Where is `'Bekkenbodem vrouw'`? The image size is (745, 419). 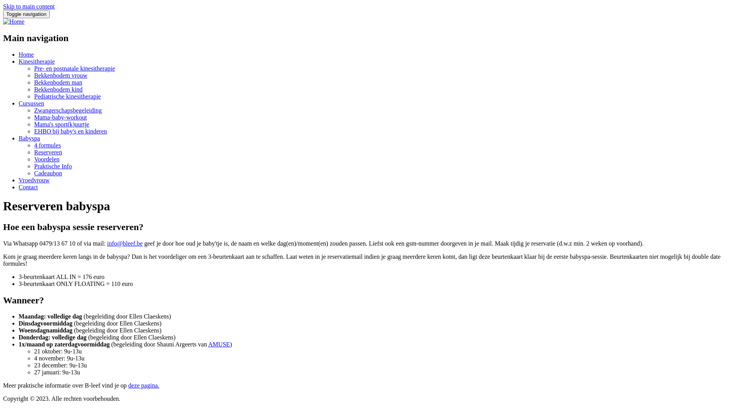
'Bekkenbodem vrouw' is located at coordinates (33, 75).